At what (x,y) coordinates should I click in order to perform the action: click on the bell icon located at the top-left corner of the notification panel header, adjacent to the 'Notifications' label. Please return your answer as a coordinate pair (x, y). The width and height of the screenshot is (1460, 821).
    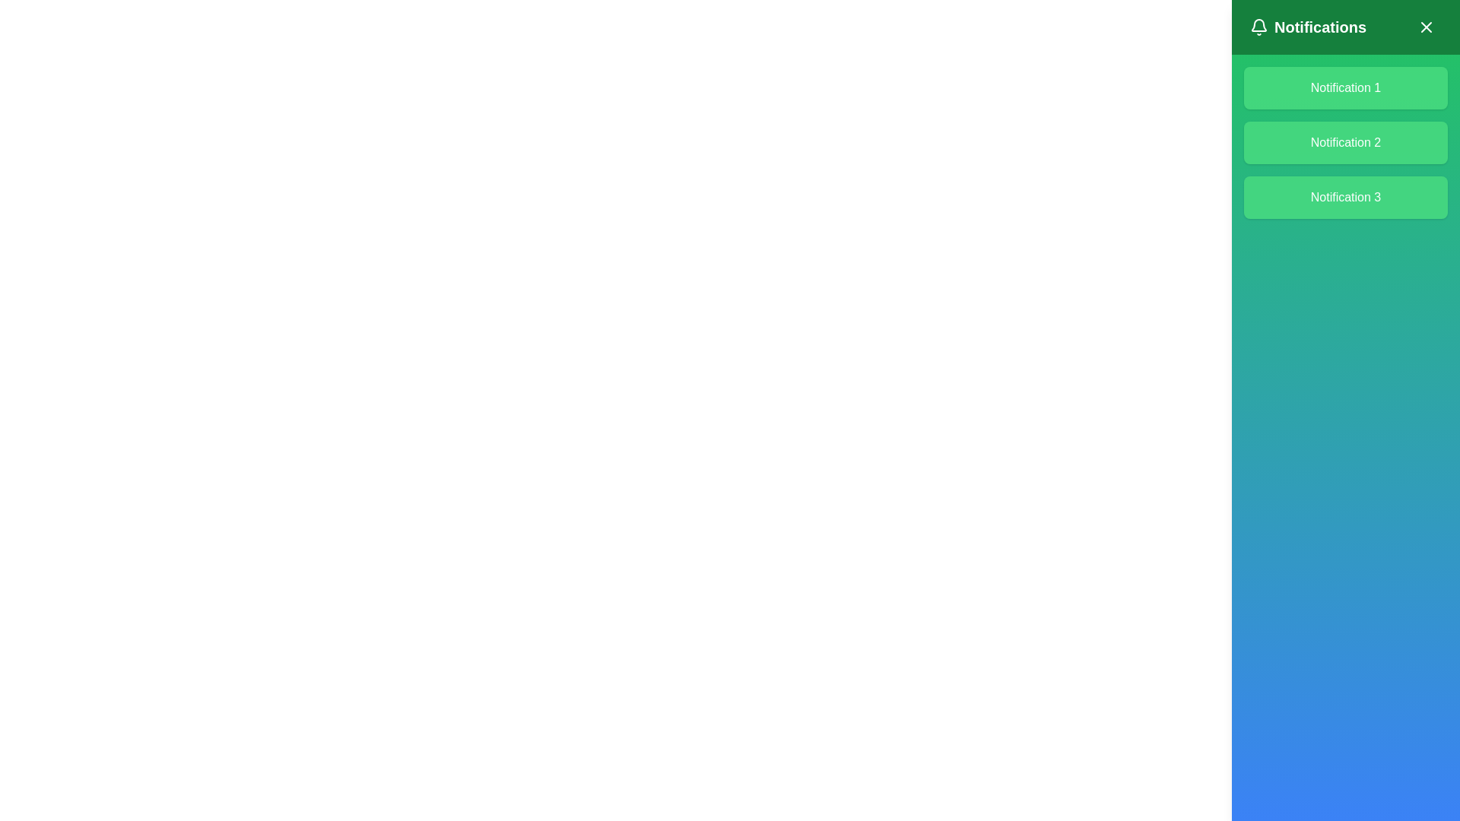
    Looking at the image, I should click on (1259, 27).